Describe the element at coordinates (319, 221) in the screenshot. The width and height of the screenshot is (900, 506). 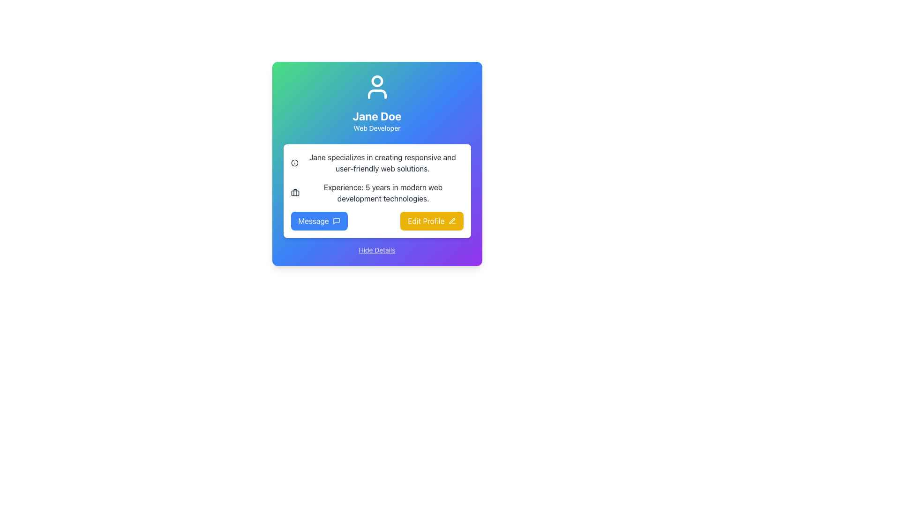
I see `the message sending button located in the lower part of the card component, positioned to the left of the 'Edit Profile' button` at that location.